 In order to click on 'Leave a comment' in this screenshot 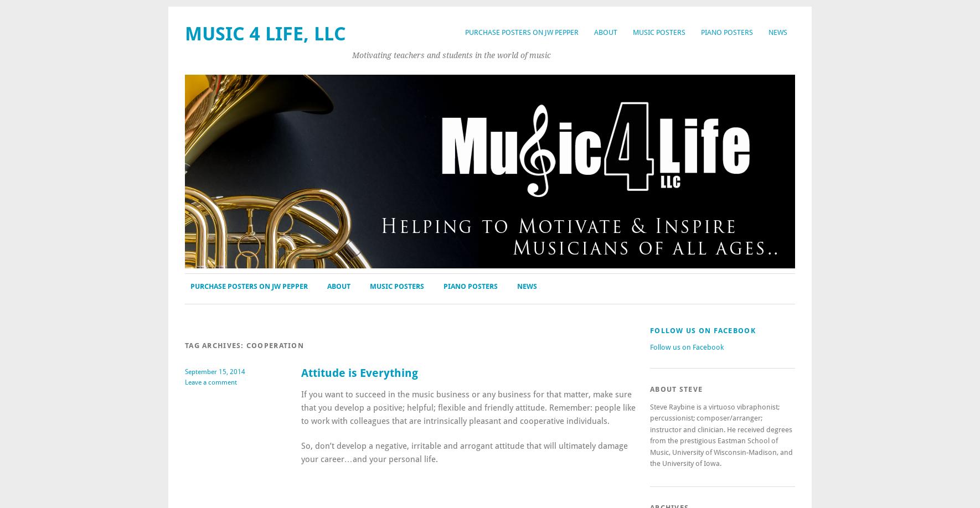, I will do `click(210, 381)`.